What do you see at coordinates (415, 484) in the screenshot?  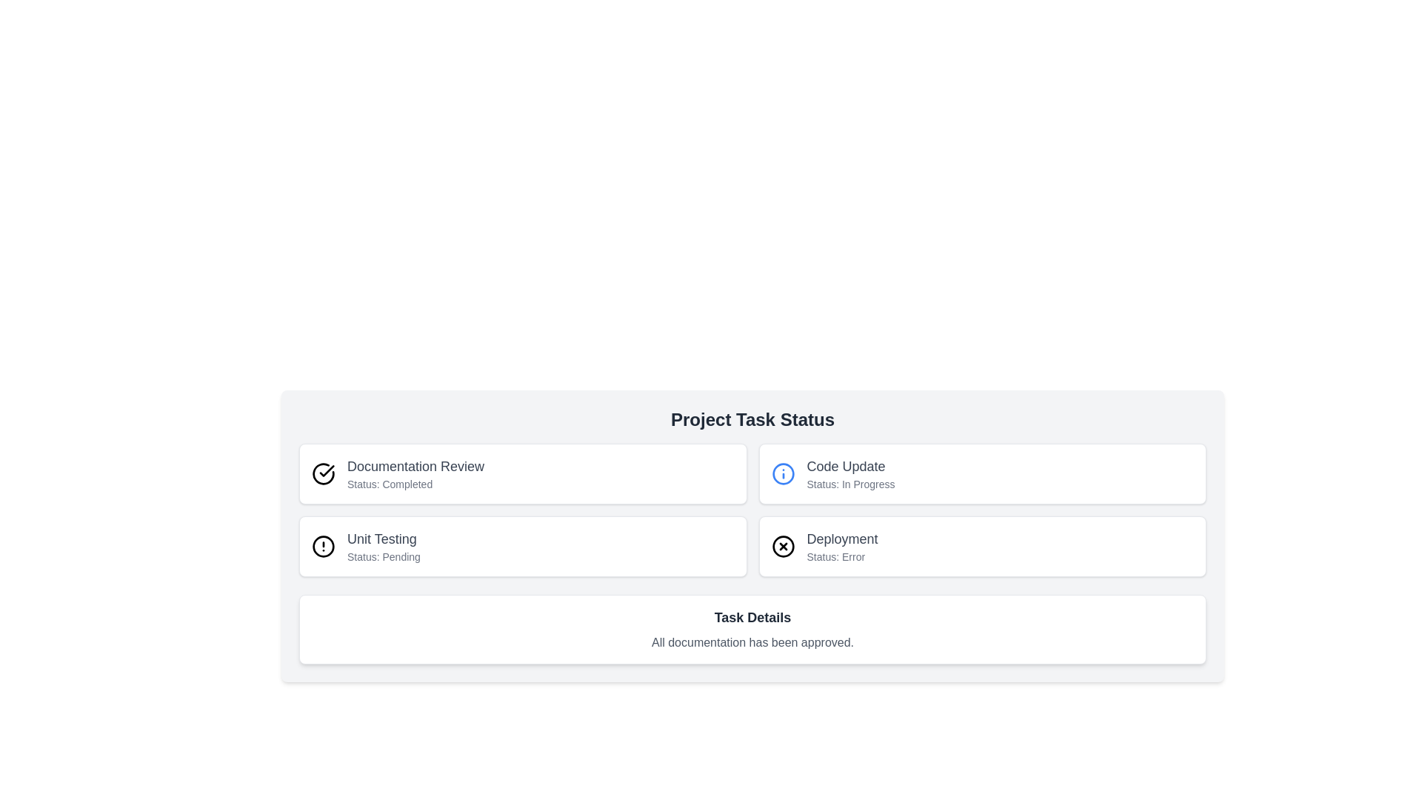 I see `informational static text label indicating the current status of the 'Documentation Review' task, which is marked as 'Completed'` at bounding box center [415, 484].